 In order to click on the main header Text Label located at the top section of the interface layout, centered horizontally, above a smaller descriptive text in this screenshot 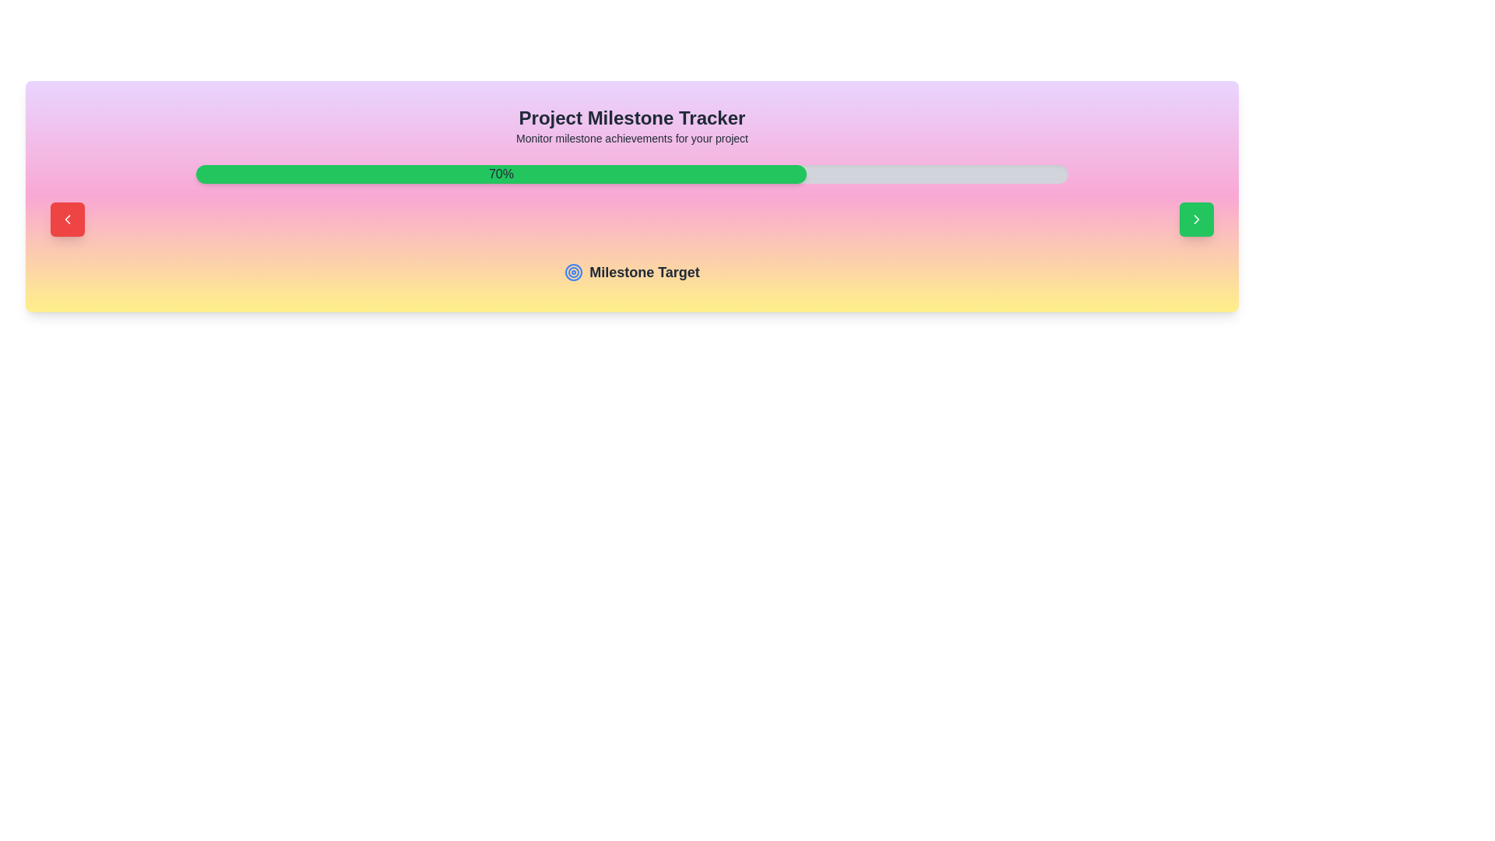, I will do `click(631, 117)`.